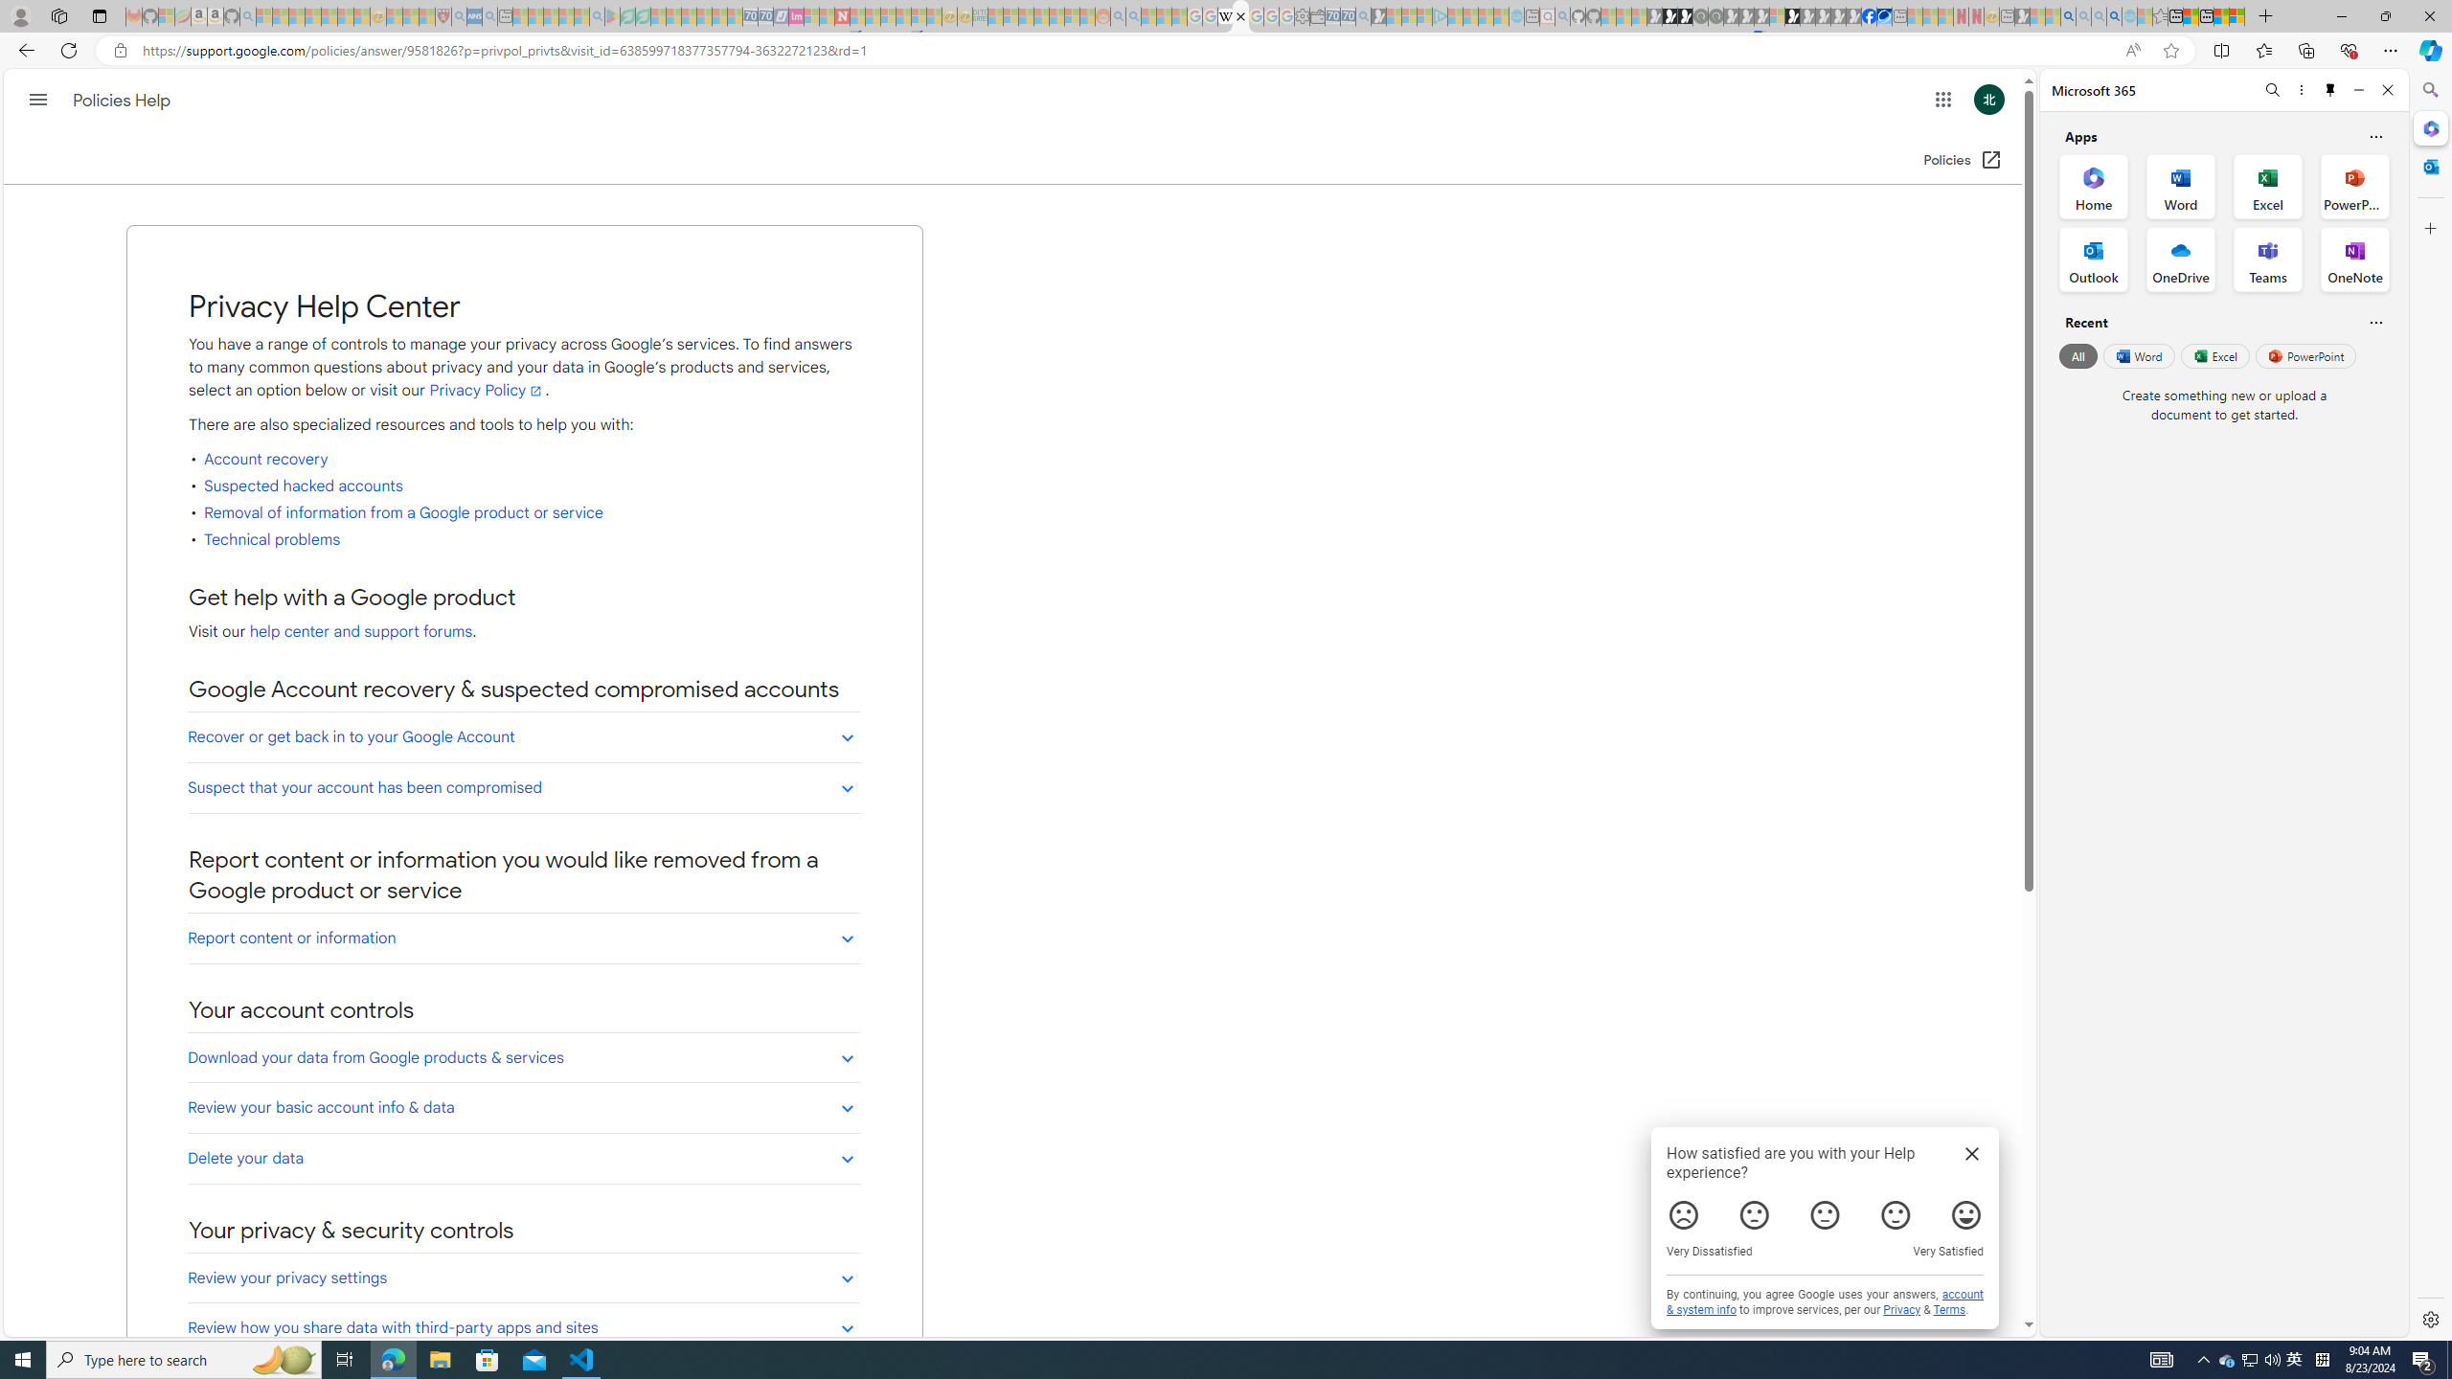 Image resolution: width=2452 pixels, height=1379 pixels. Describe the element at coordinates (124, 100) in the screenshot. I see `'Policies Help'` at that location.